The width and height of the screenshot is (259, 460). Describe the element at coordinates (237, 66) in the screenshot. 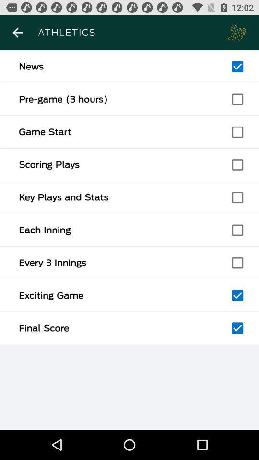

I see `to receive news` at that location.